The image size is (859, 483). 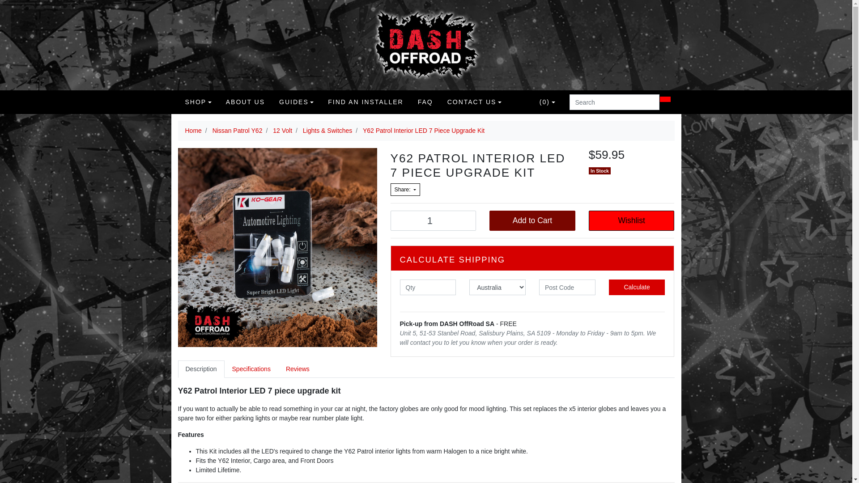 I want to click on 'Specifications', so click(x=225, y=369).